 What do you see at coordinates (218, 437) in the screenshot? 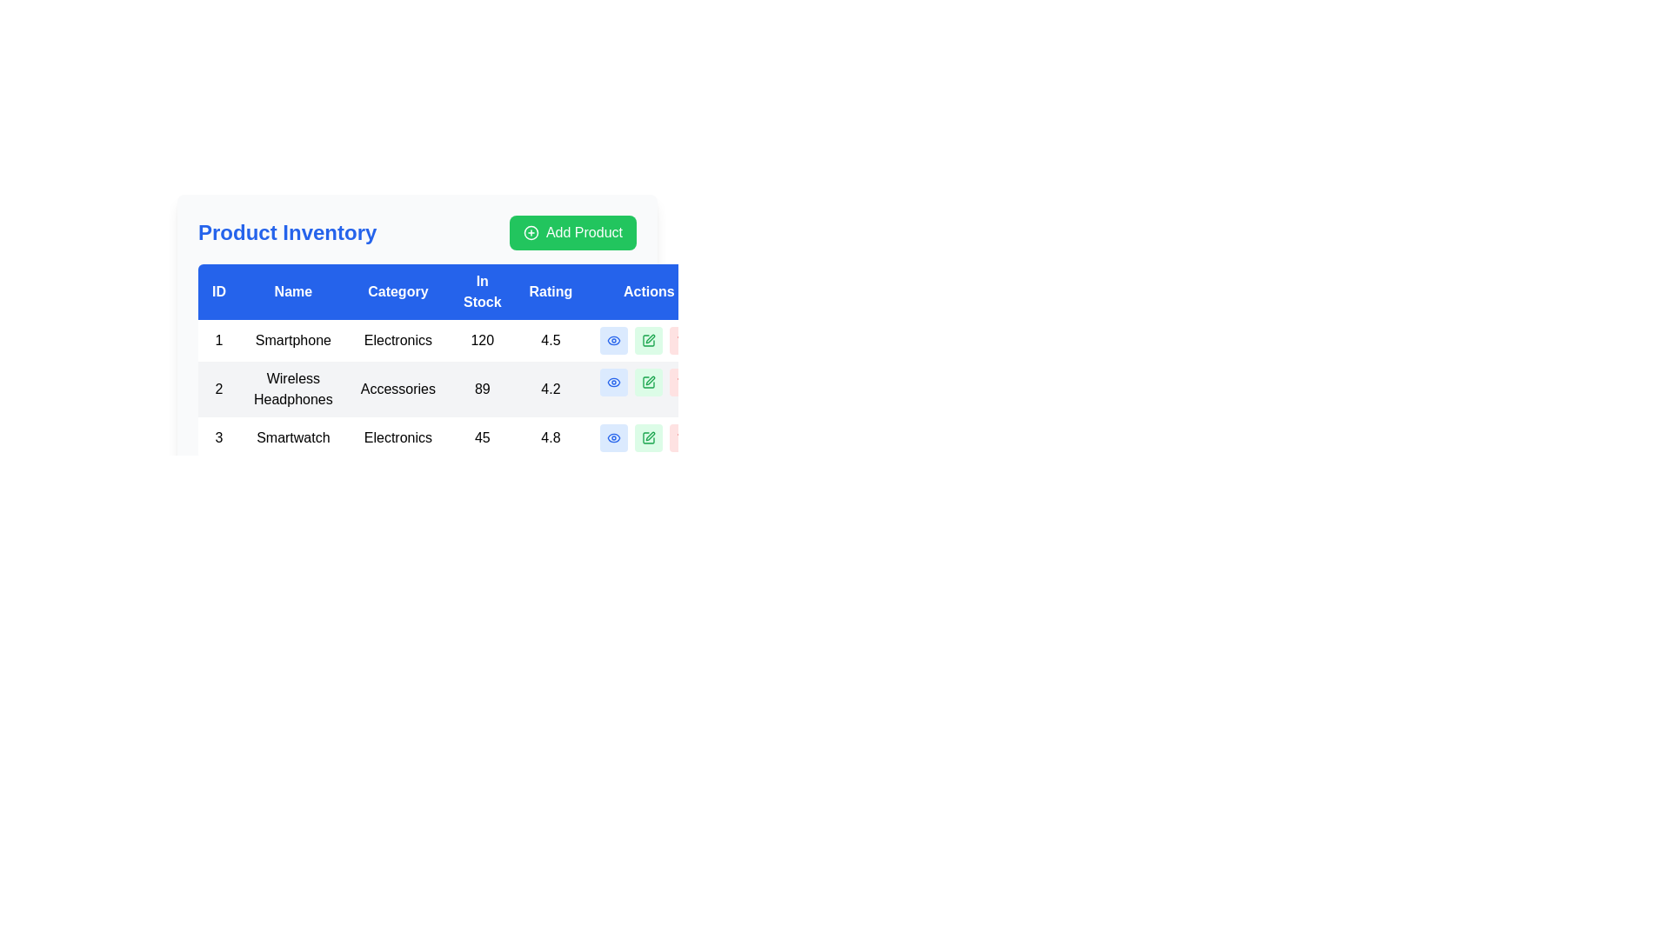
I see `the Text label in the ID column of the third row, which identifies the row associated with the number '3' for the 'Smartwatch'` at bounding box center [218, 437].